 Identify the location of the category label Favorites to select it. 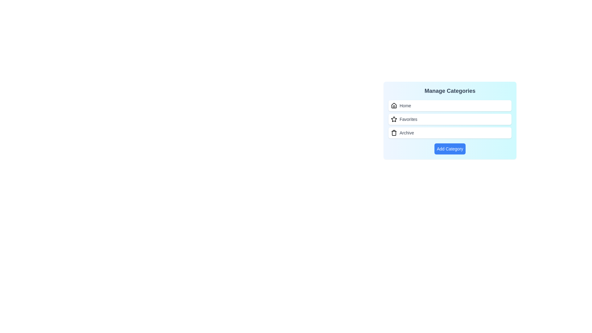
(408, 119).